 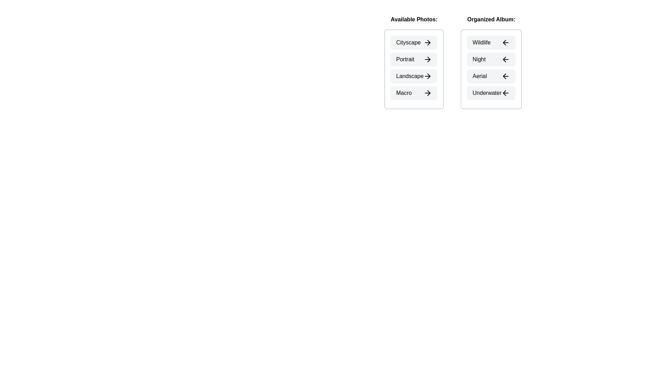 I want to click on the arrow icon next to the photo Portrait in the Available Photos section to transfer it to the Organized Album section, so click(x=427, y=59).